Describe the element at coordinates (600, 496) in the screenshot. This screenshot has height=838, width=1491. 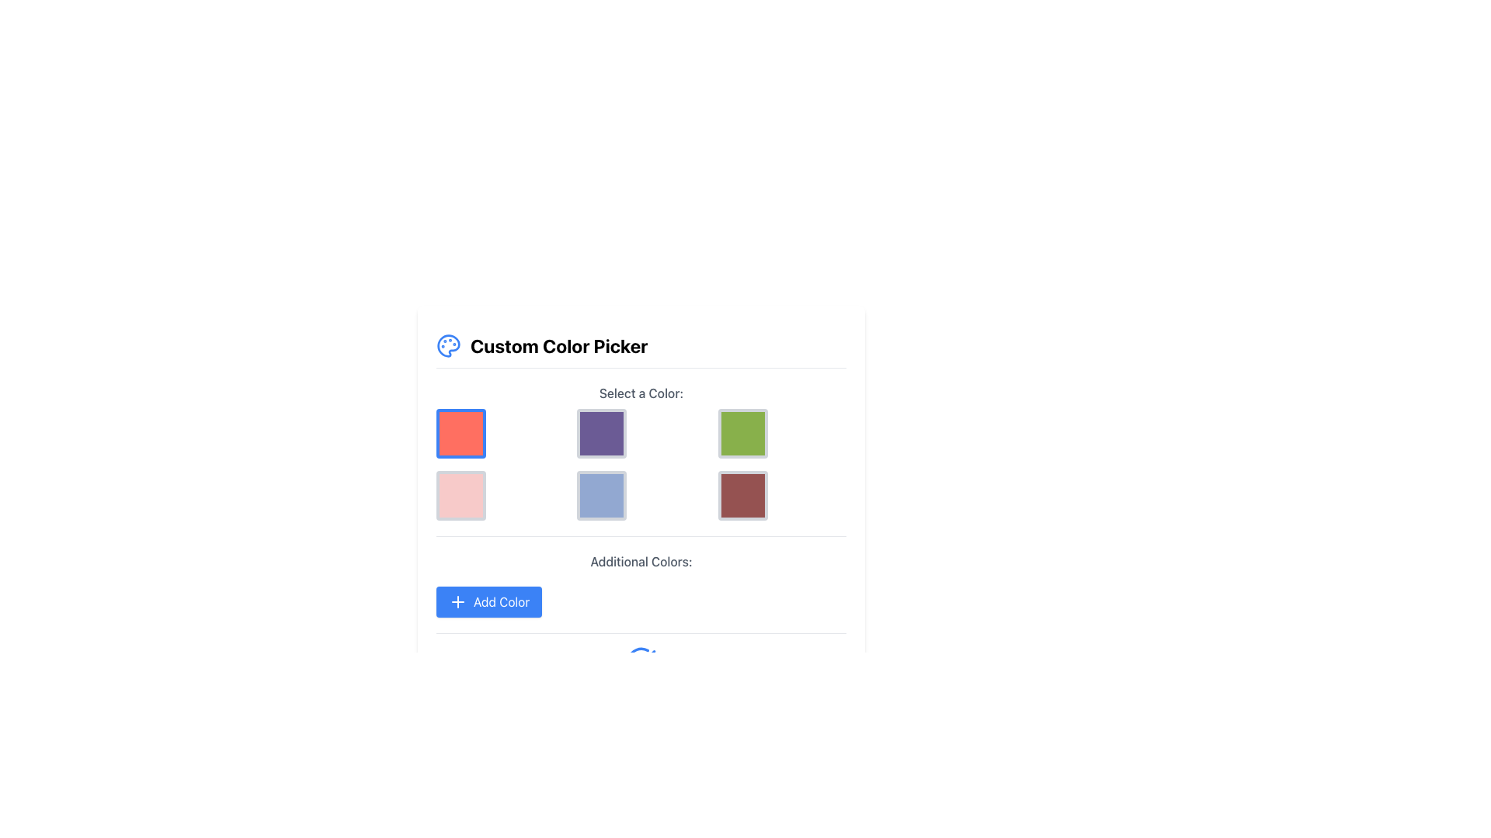
I see `the light indigo button in the center column of the second row in the 'Select a Color' grid` at that location.